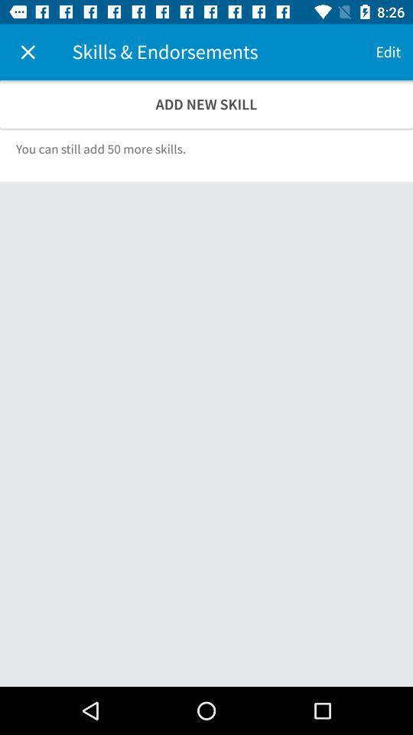 The width and height of the screenshot is (413, 735). What do you see at coordinates (206, 103) in the screenshot?
I see `icon above the you can still icon` at bounding box center [206, 103].